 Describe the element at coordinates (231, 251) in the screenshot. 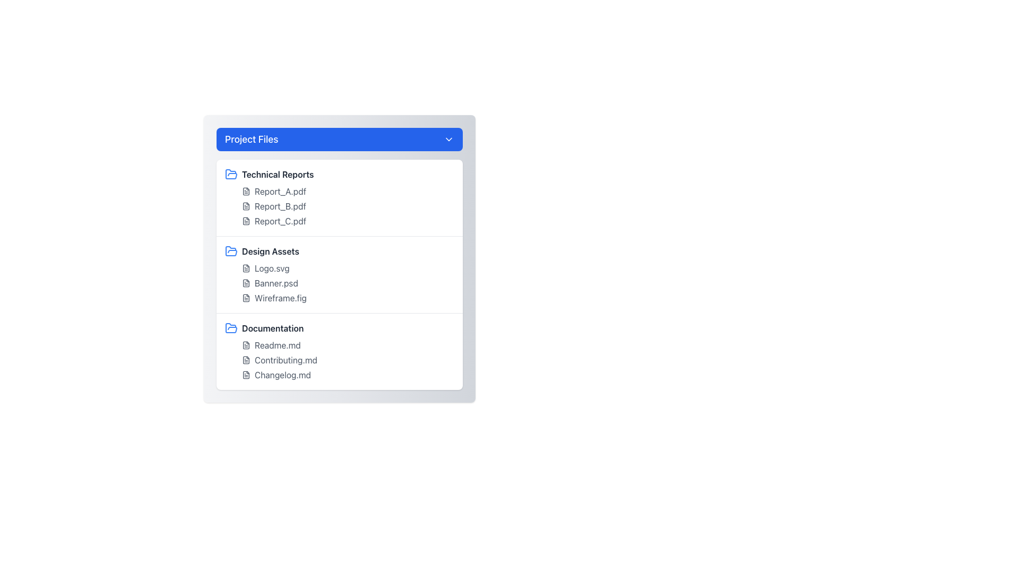

I see `the blue open folder icon located to the left of the 'Design Assets' label` at that location.